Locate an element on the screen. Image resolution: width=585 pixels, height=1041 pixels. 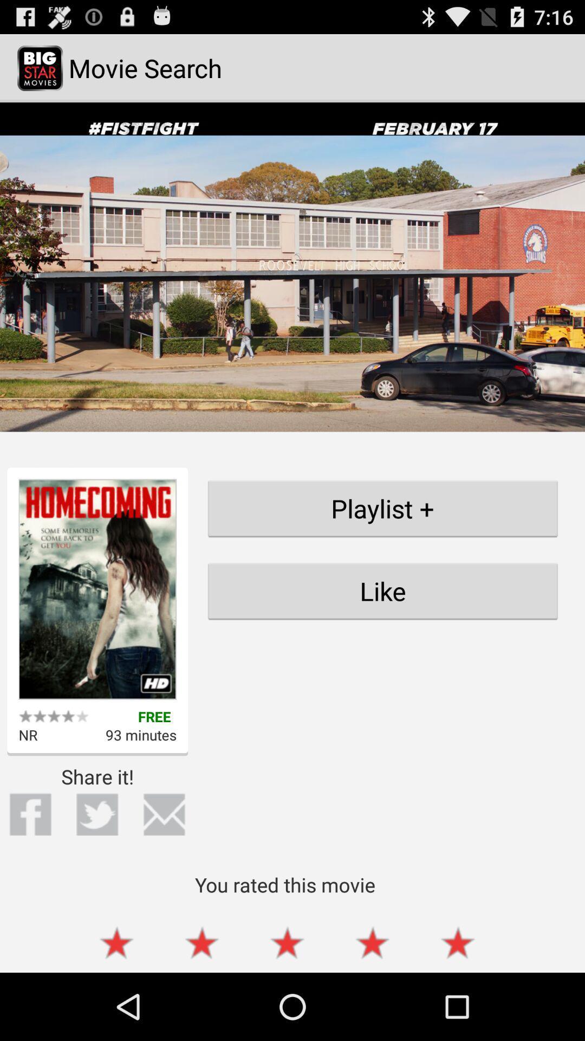
the star icon is located at coordinates (369, 1009).